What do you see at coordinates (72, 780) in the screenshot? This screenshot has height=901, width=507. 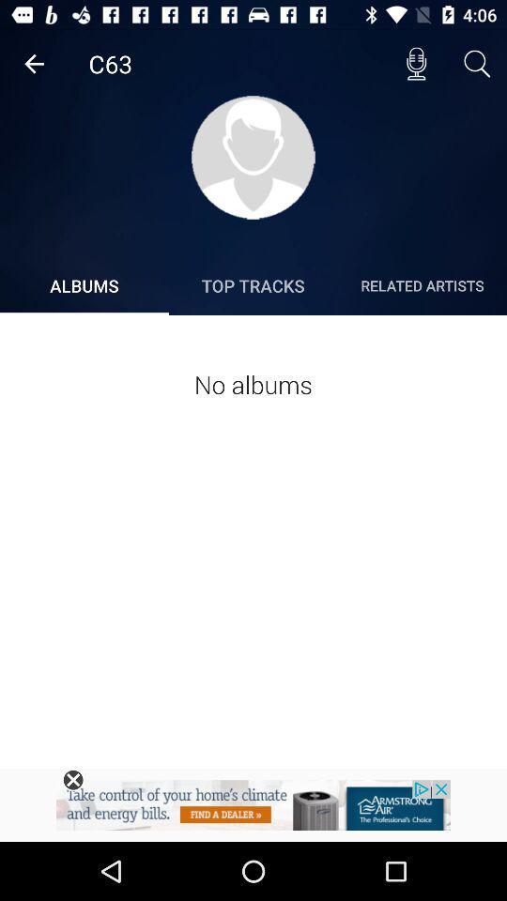 I see `the close icon` at bounding box center [72, 780].